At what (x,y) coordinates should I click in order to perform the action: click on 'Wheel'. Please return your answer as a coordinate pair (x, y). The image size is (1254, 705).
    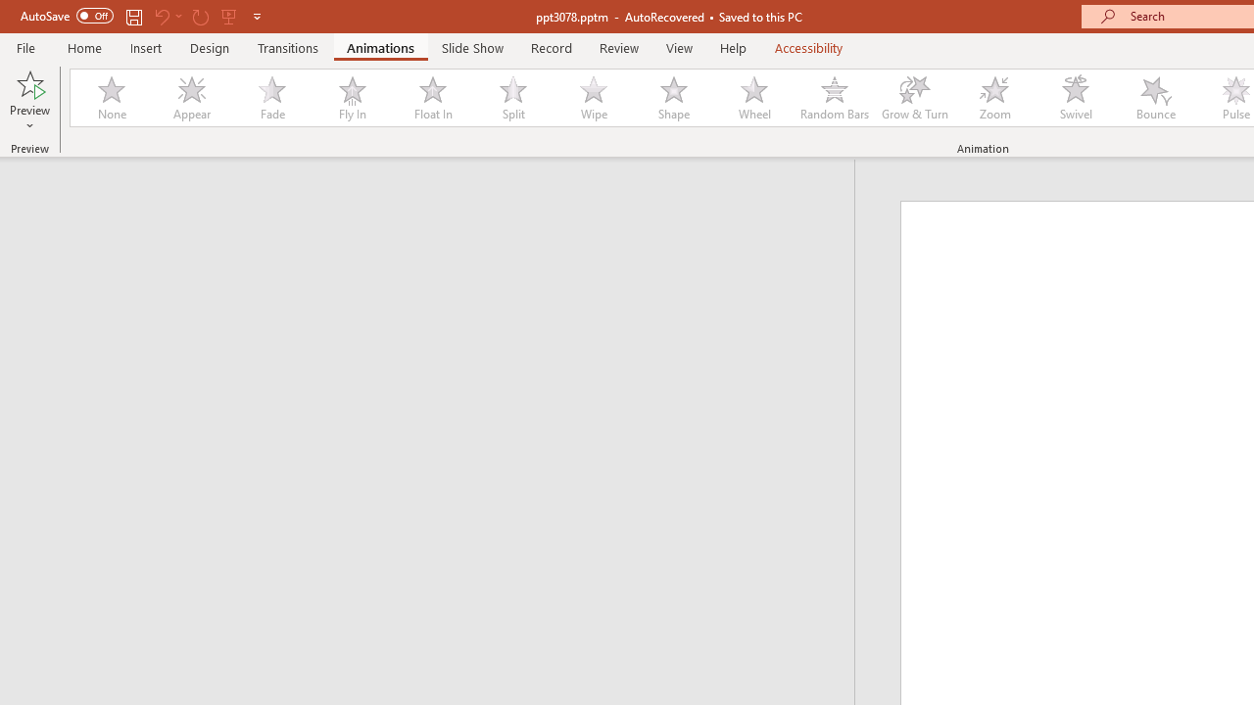
    Looking at the image, I should click on (753, 98).